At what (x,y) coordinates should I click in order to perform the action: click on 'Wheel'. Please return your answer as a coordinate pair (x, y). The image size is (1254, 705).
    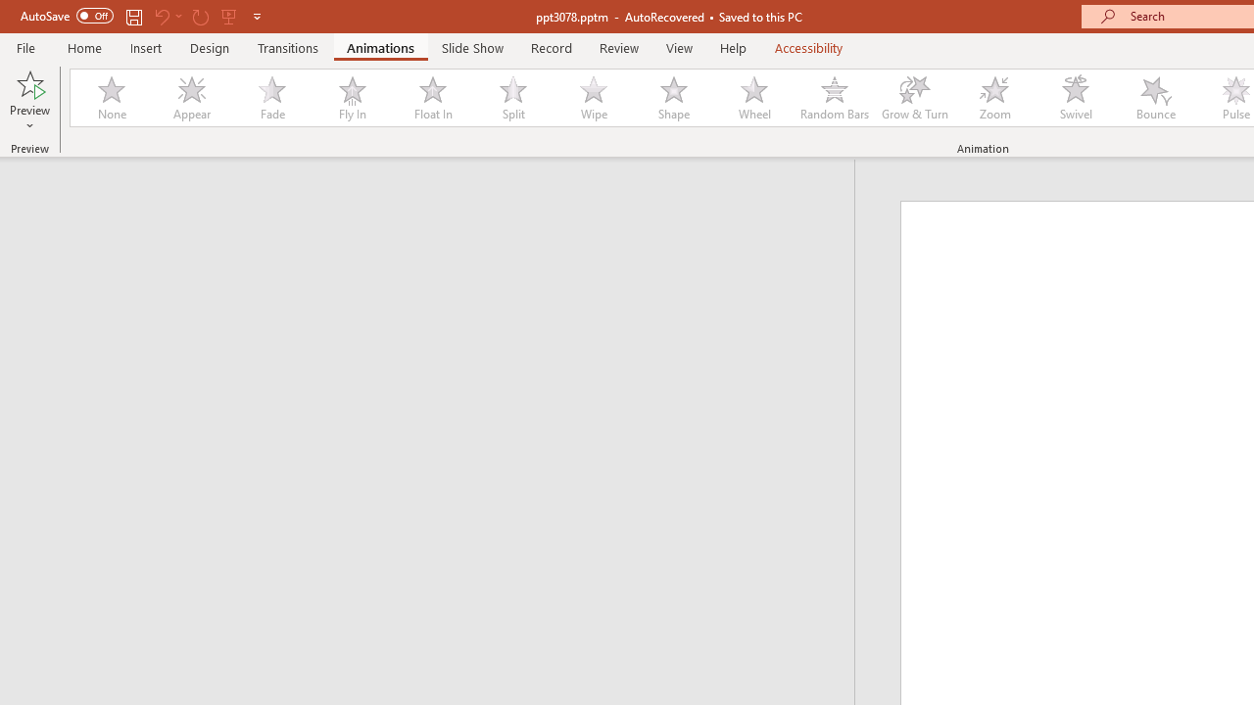
    Looking at the image, I should click on (753, 98).